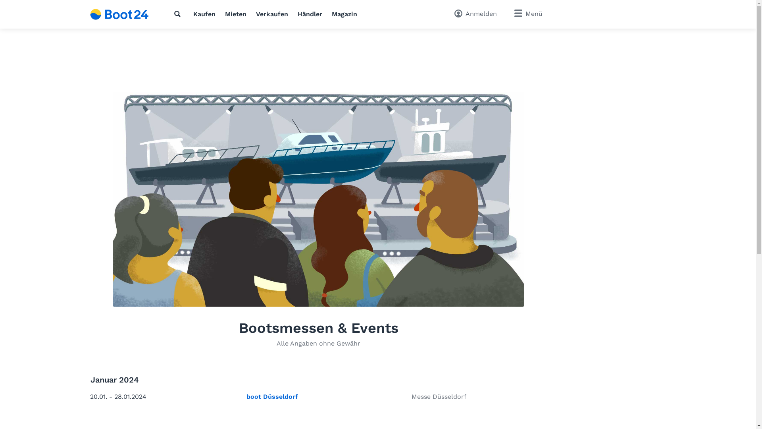 Image resolution: width=762 pixels, height=429 pixels. What do you see at coordinates (193, 14) in the screenshot?
I see `'Kaufen'` at bounding box center [193, 14].